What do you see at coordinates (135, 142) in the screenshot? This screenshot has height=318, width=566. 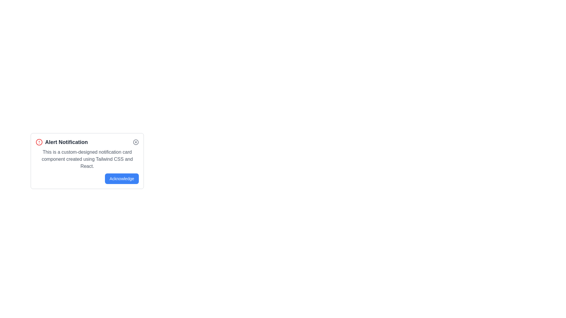 I see `the circle element that is part of the 'X' icon for notifications, located at the center of the card's top-right corner` at bounding box center [135, 142].